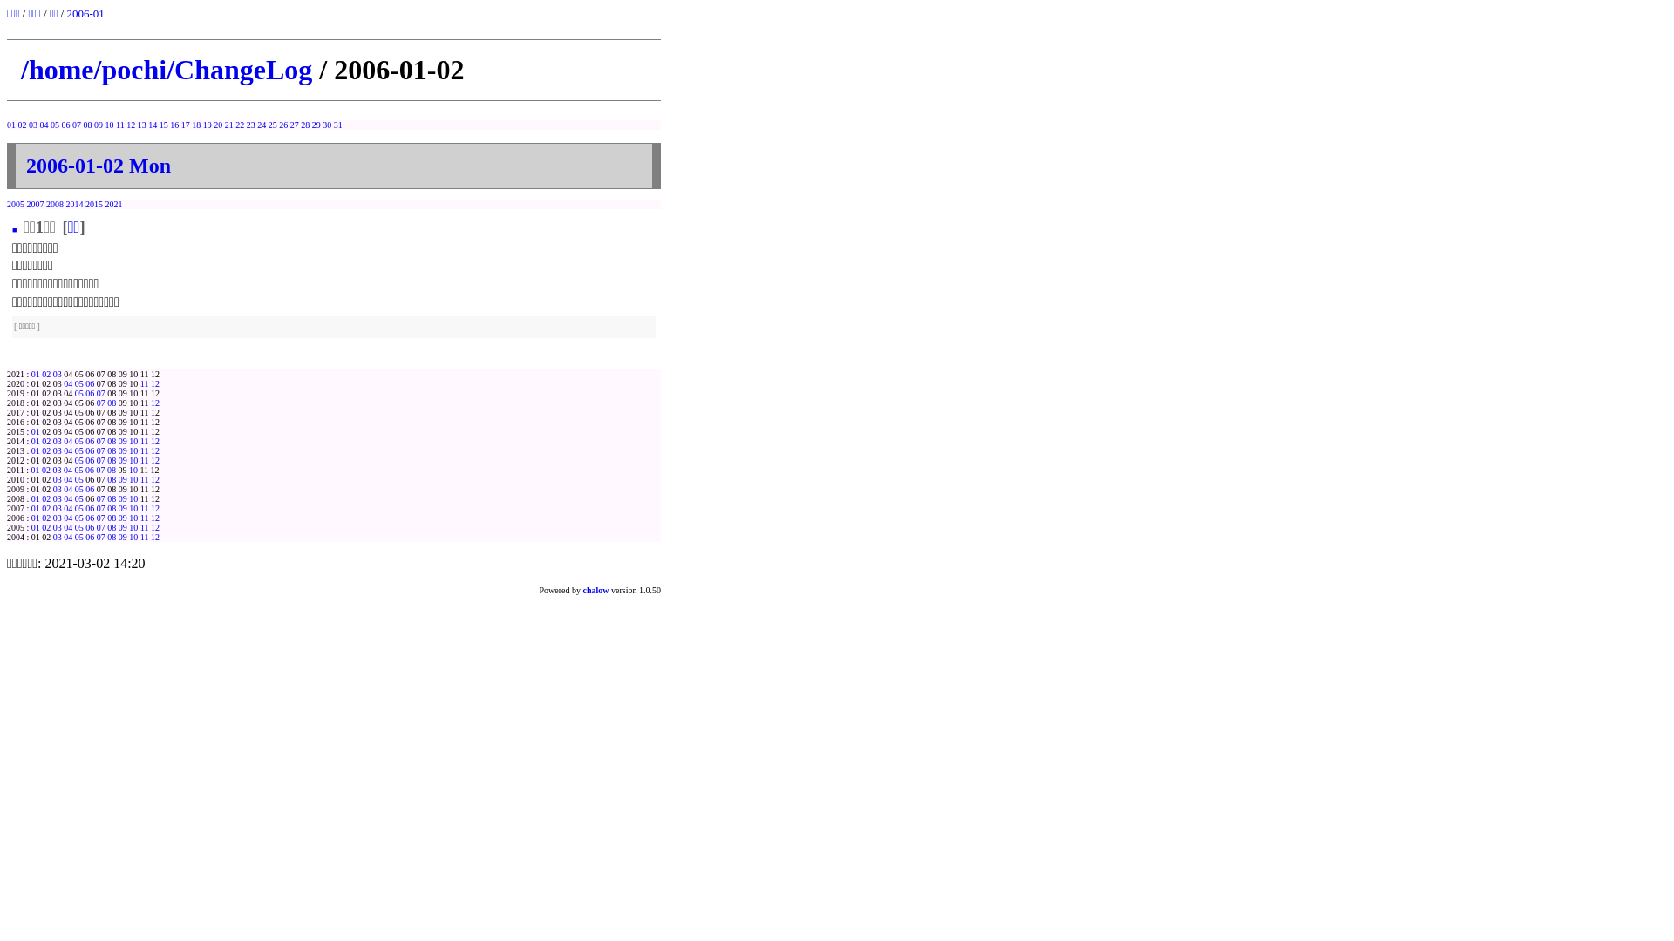  What do you see at coordinates (84, 469) in the screenshot?
I see `'06'` at bounding box center [84, 469].